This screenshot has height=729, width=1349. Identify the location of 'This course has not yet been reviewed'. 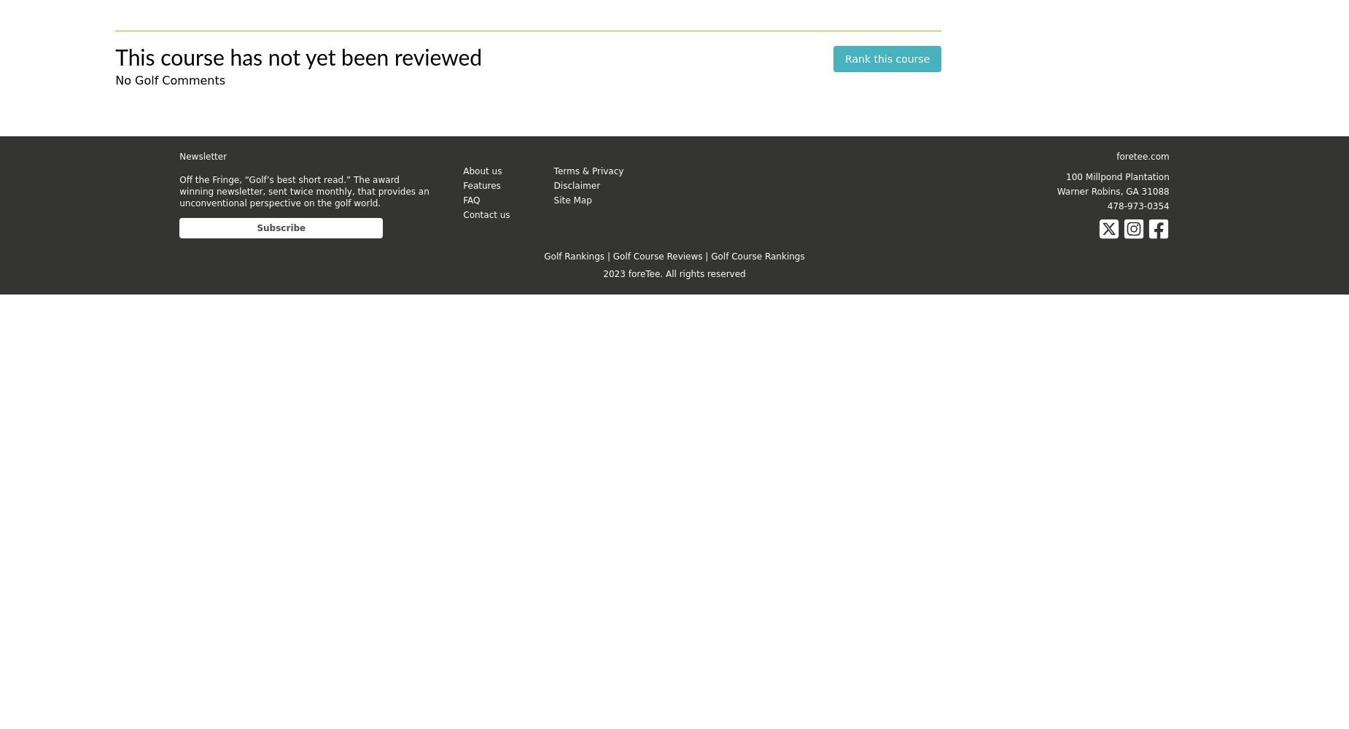
(114, 58).